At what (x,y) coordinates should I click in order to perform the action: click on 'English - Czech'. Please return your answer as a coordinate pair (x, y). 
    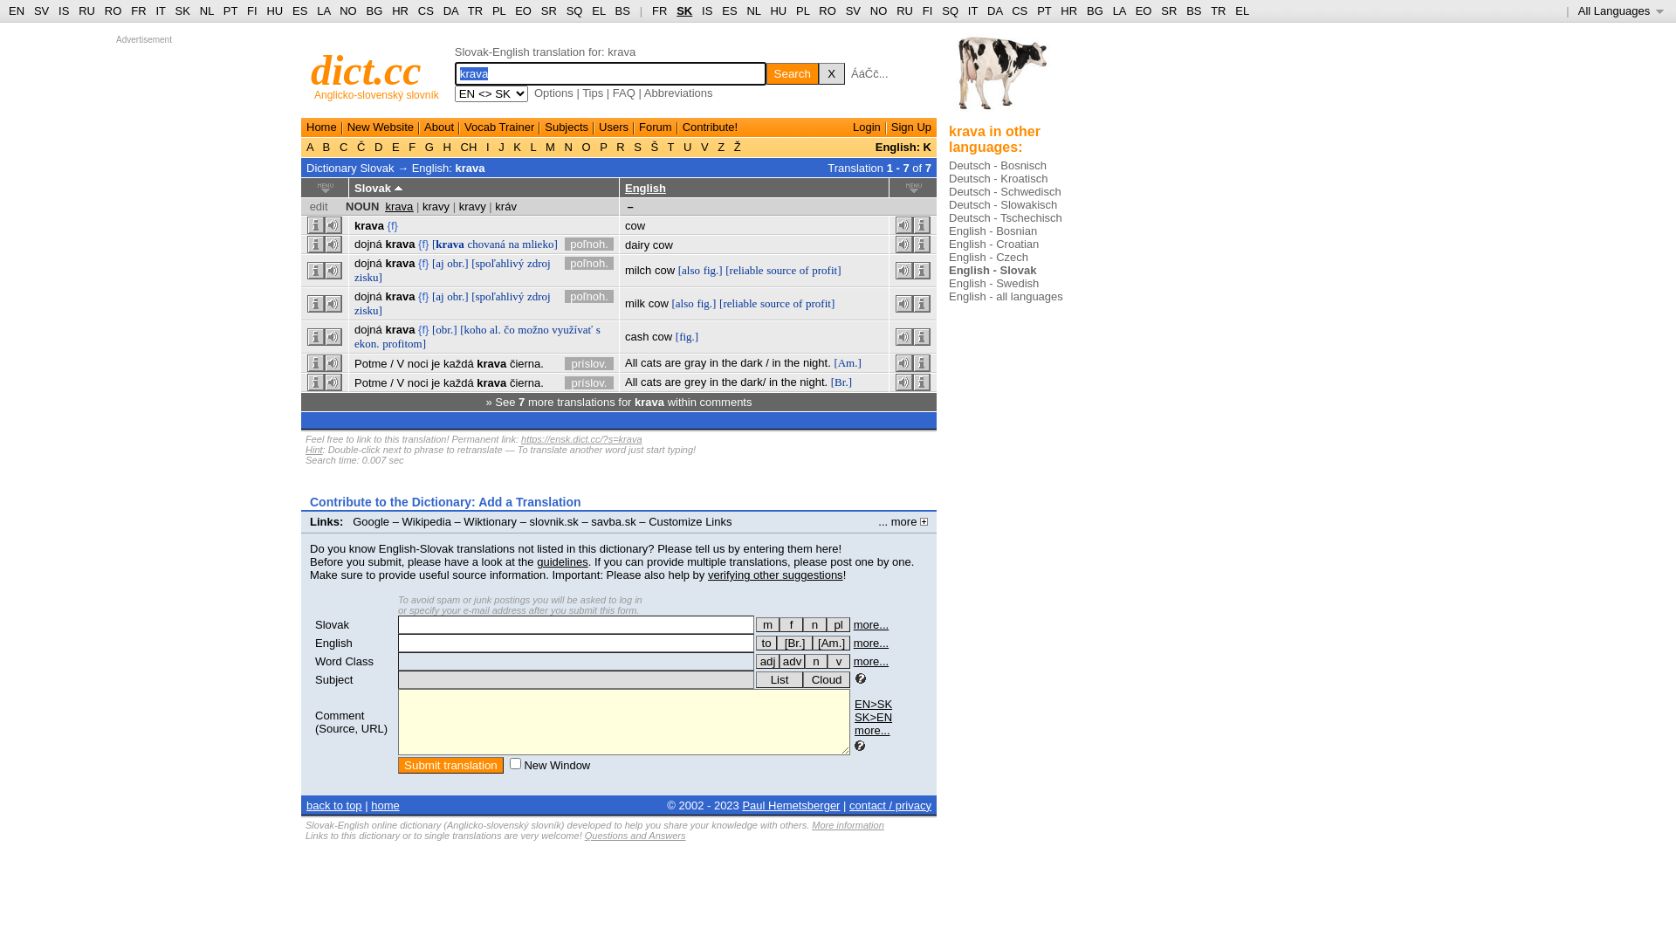
    Looking at the image, I should click on (988, 257).